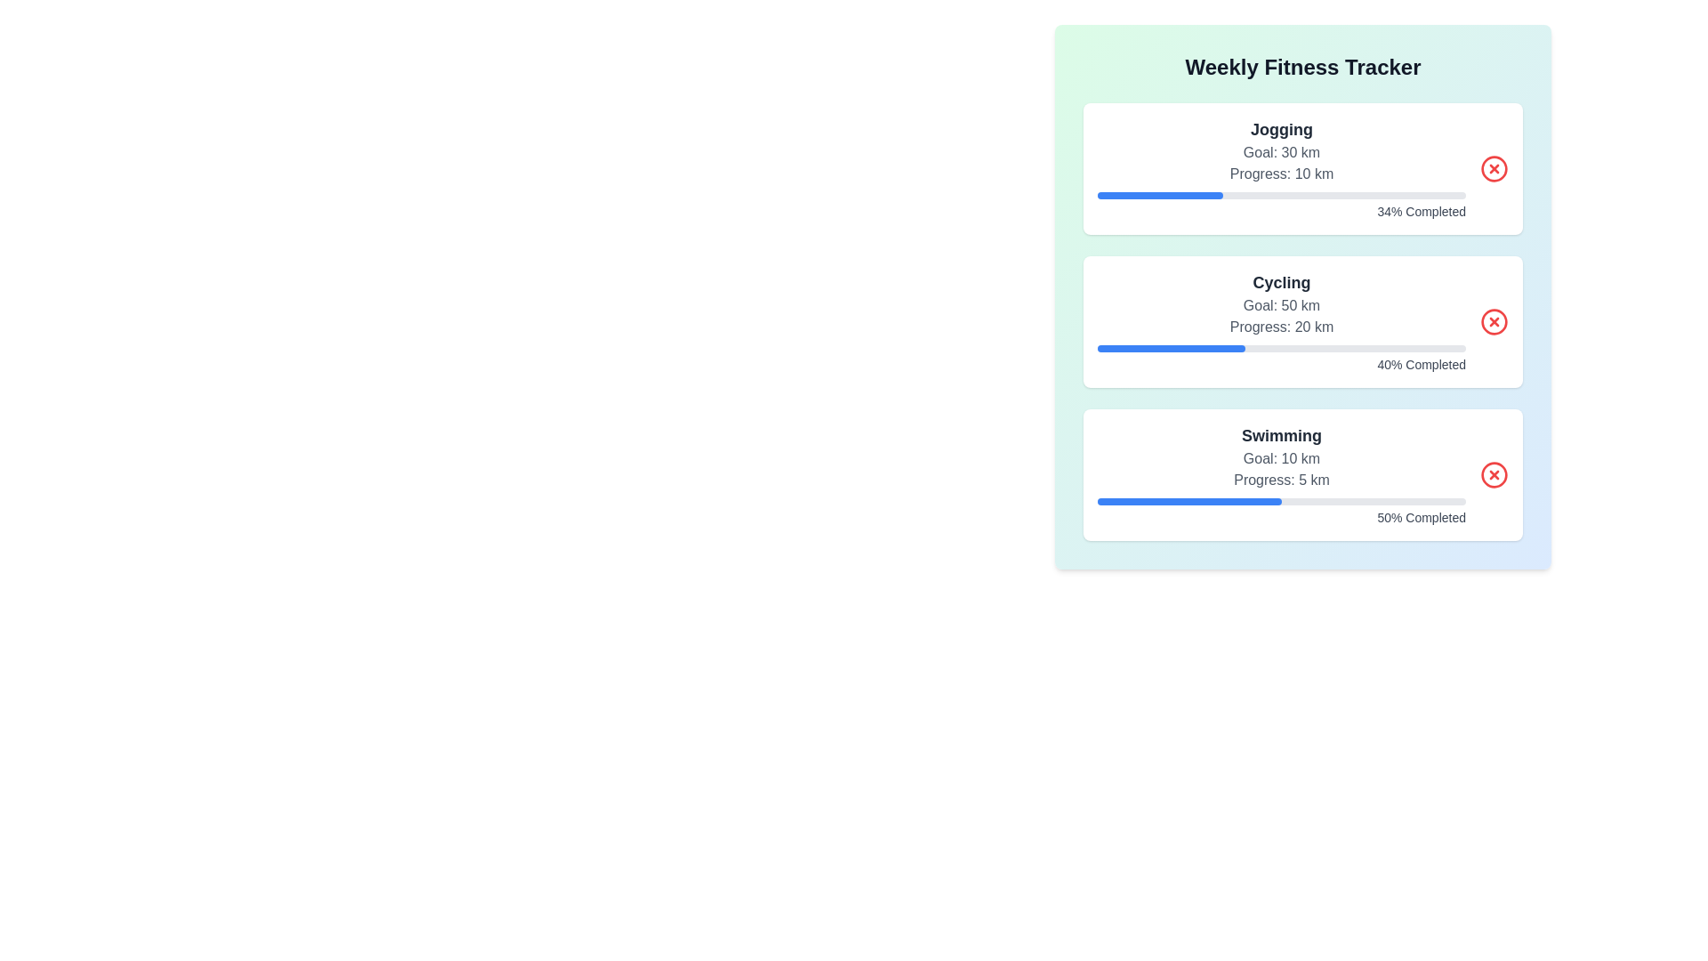 The height and width of the screenshot is (961, 1708). I want to click on progress bar on the third card titled 'Swimming' in the 'Weekly Fitness Tracker', which shows 50% completion towards the goal of 10 km, so click(1302, 473).